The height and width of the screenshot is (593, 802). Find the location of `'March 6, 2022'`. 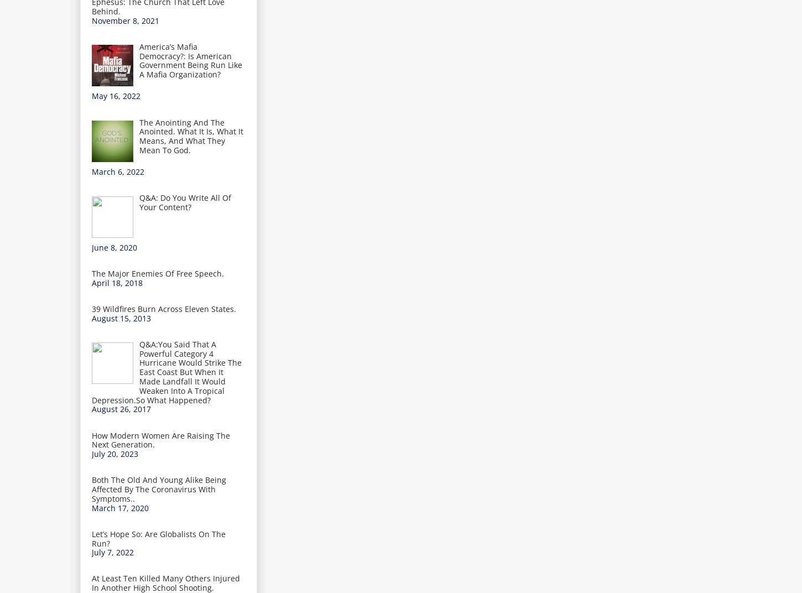

'March 6, 2022' is located at coordinates (117, 171).